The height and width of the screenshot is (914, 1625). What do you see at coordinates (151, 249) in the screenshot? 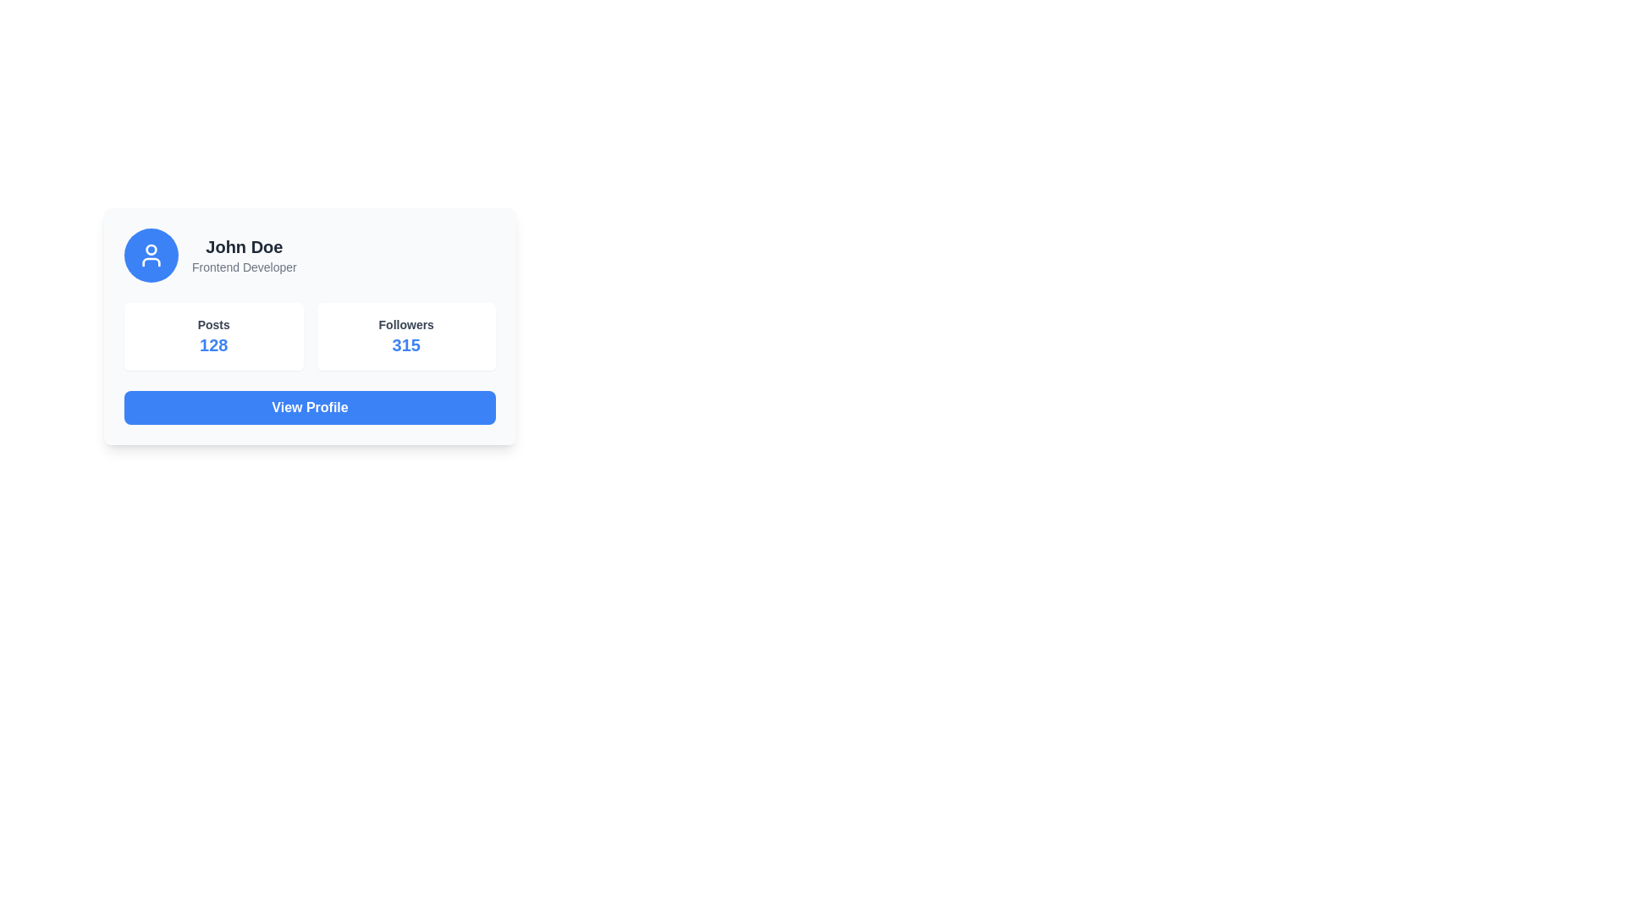
I see `the Circle graphic element located at the center of the user profile avatar, which is to the left of the text 'John Doe' within the profile card` at bounding box center [151, 249].